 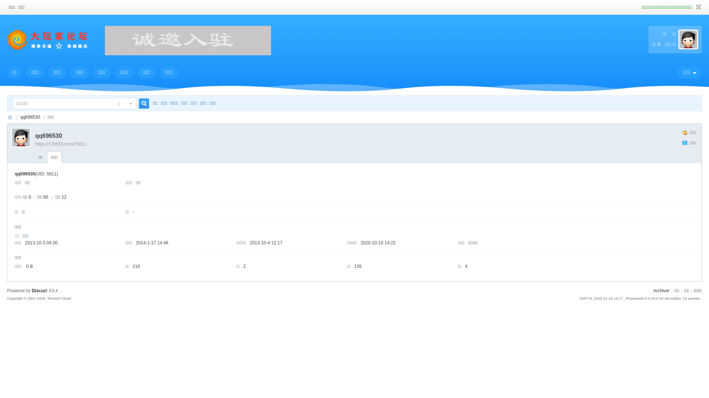 What do you see at coordinates (39, 290) in the screenshot?
I see `'Discuz!'` at bounding box center [39, 290].